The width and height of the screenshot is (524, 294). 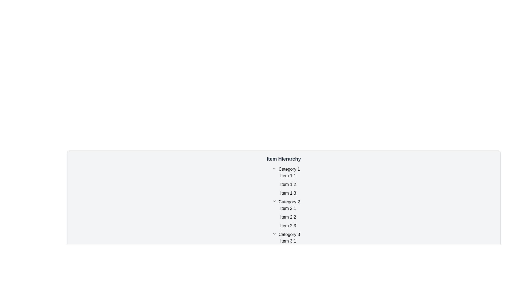 I want to click on the small, downward-facing caret icon located to the immediate left of the text 'Category 3', so click(x=274, y=234).